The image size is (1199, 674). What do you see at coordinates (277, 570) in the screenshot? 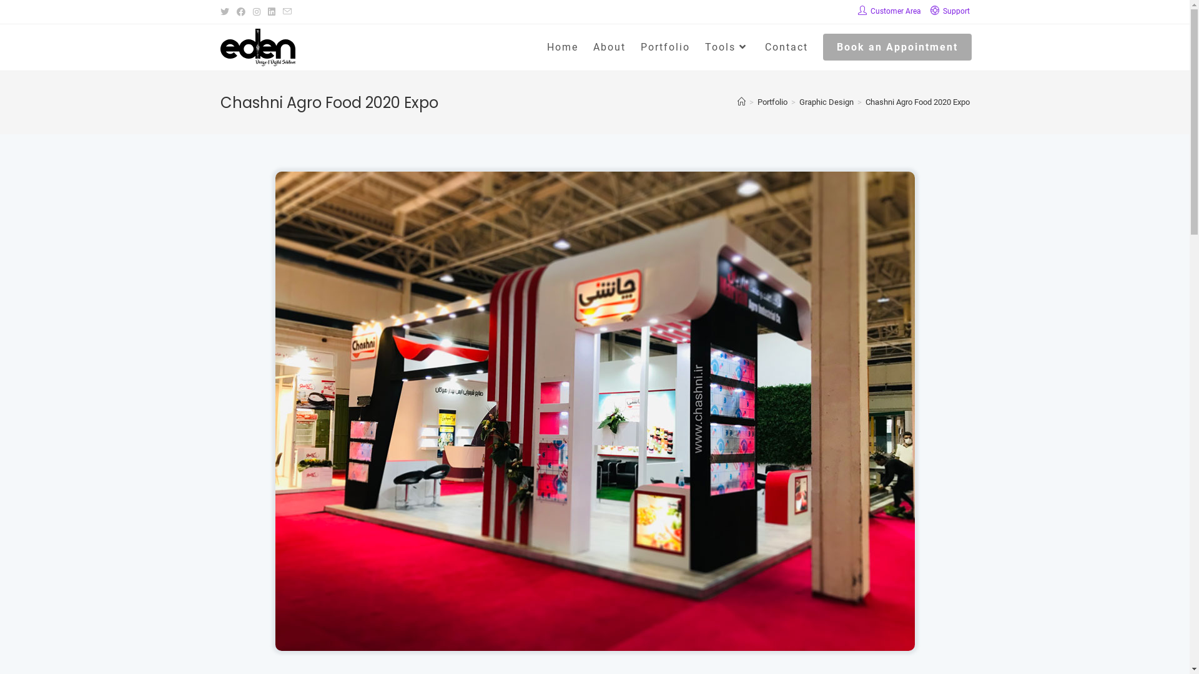
I see `'CALL US ON SKYPE'` at bounding box center [277, 570].